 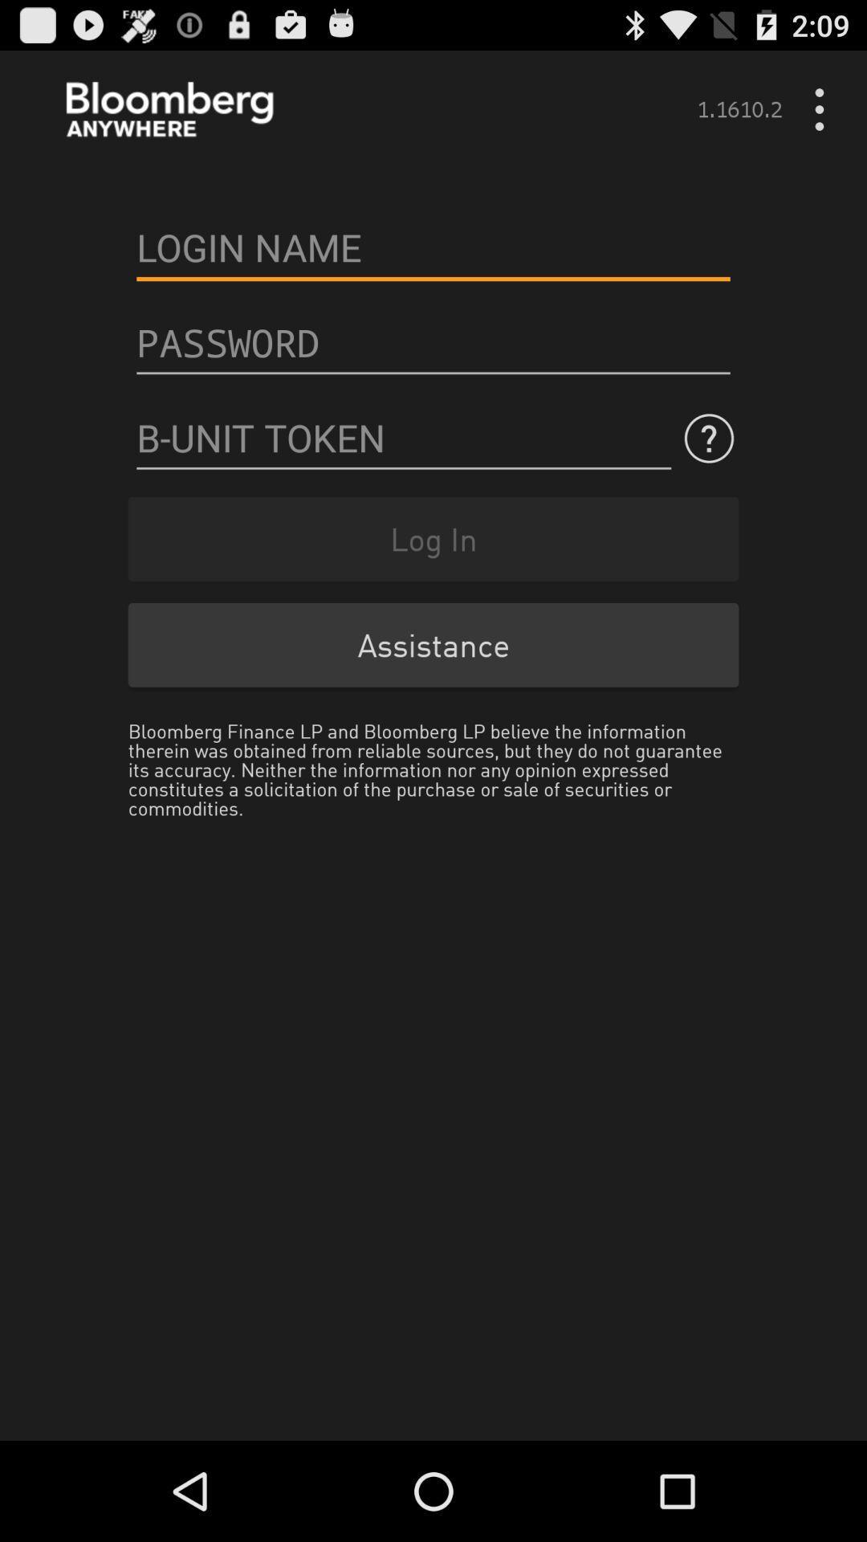 I want to click on the help icon, so click(x=708, y=468).